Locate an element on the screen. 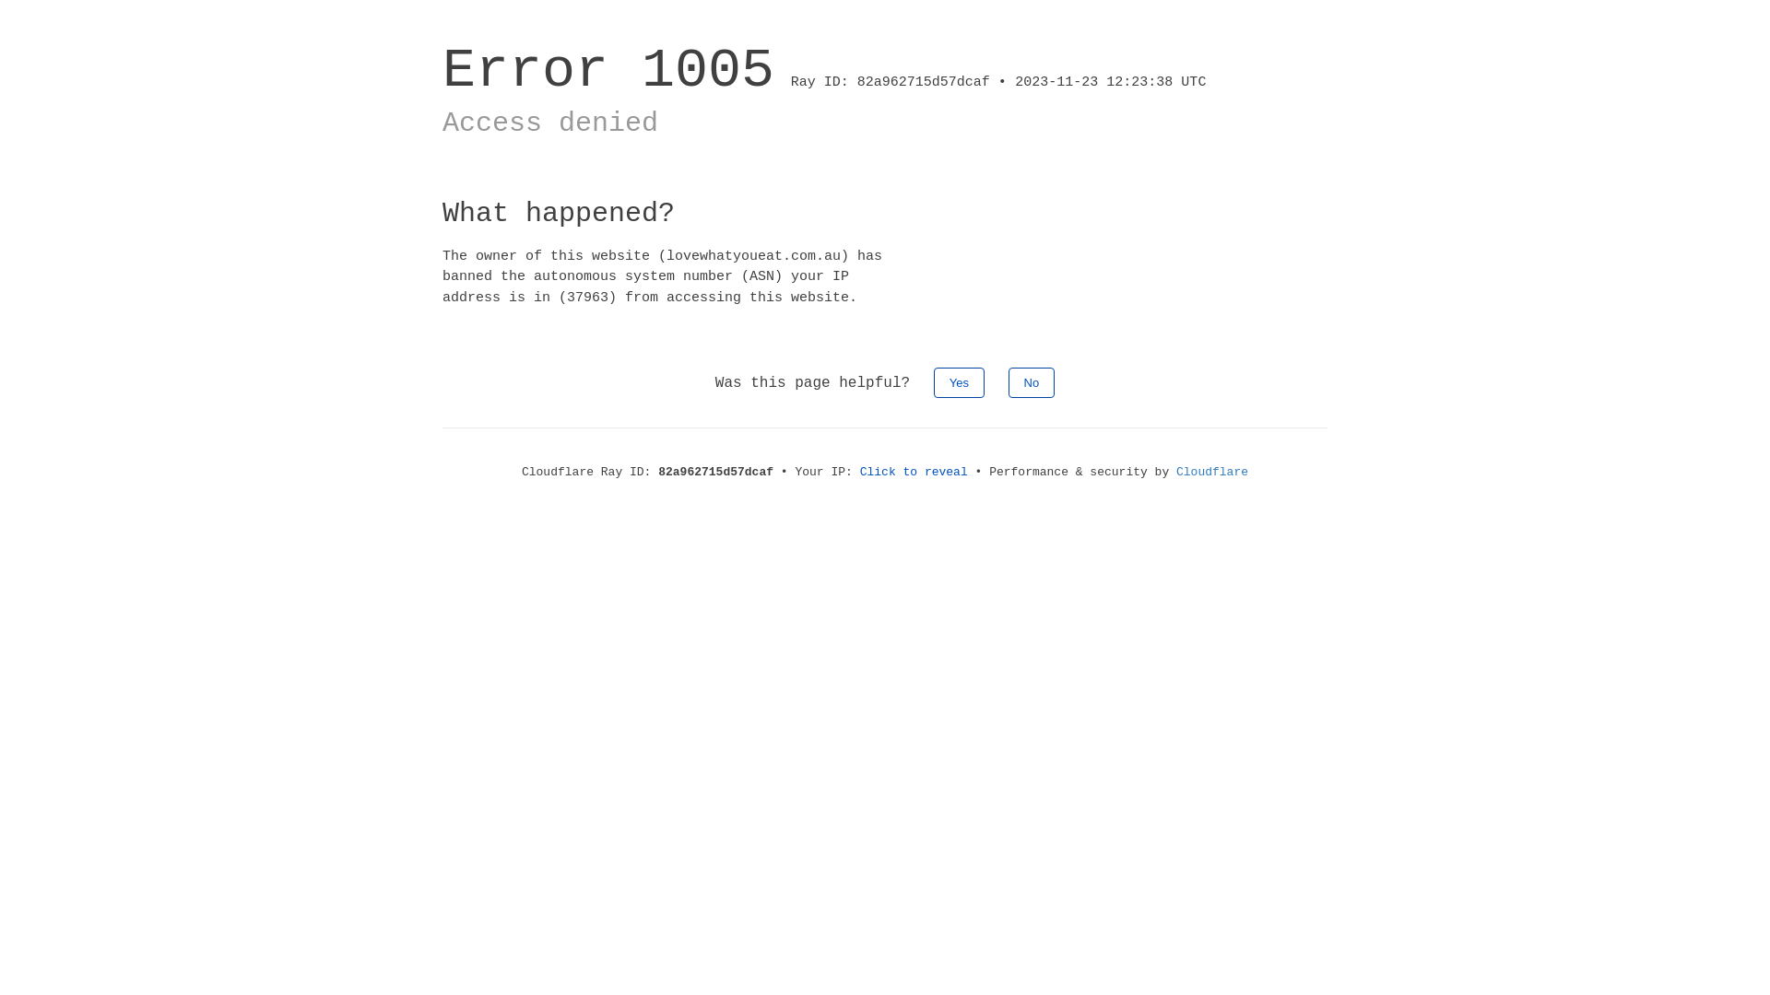  'Yes' is located at coordinates (933, 381).